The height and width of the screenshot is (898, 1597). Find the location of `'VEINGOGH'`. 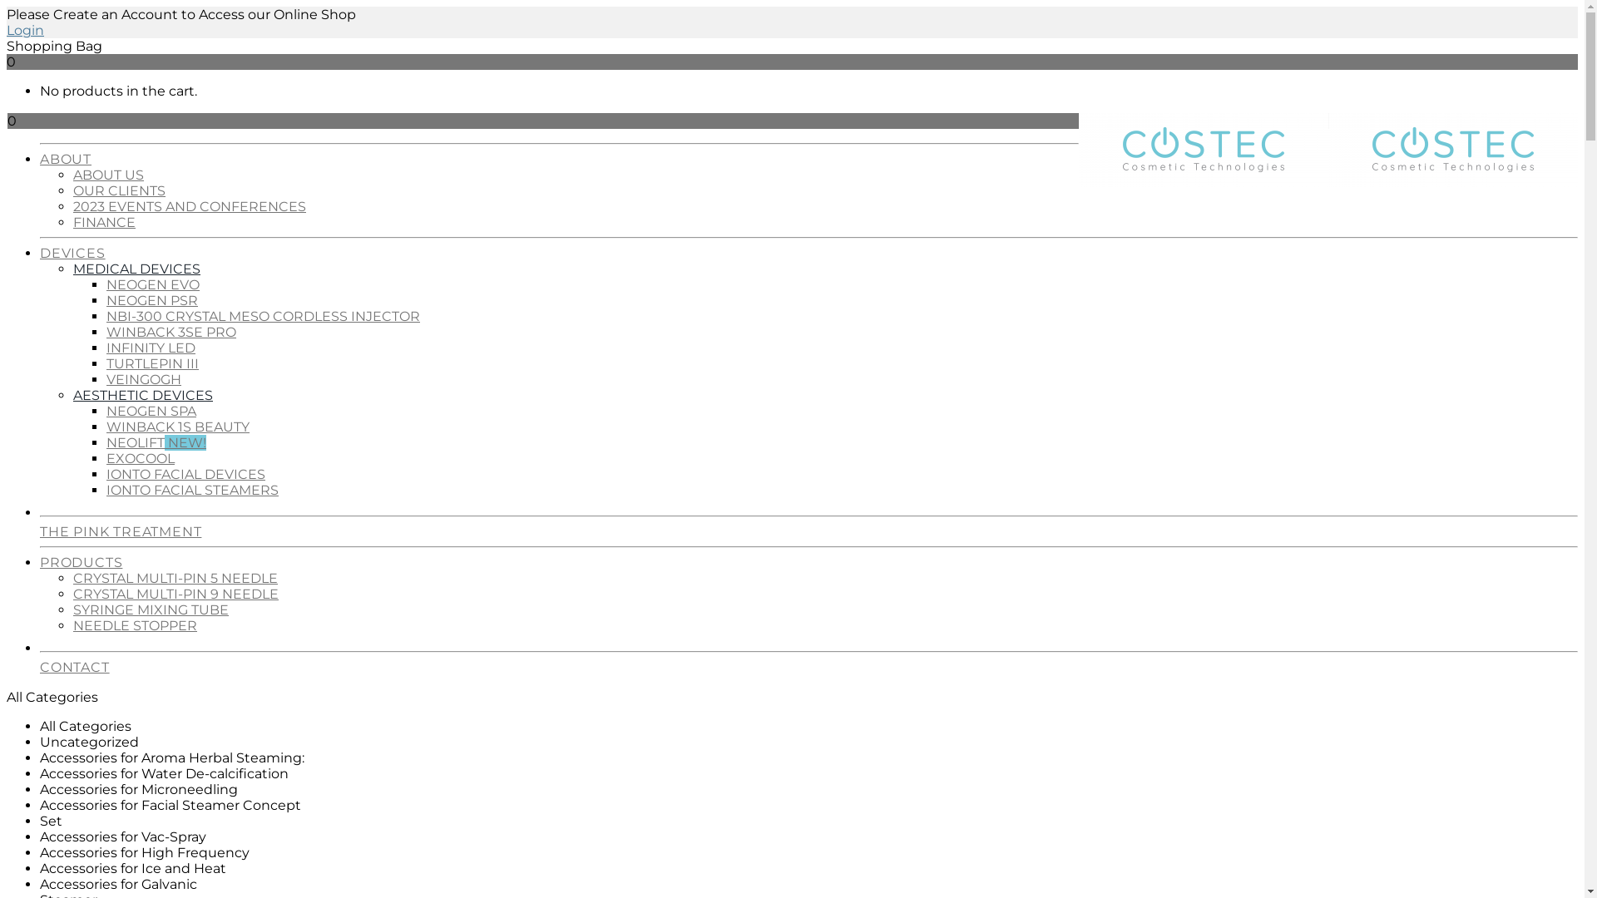

'VEINGOGH' is located at coordinates (106, 379).